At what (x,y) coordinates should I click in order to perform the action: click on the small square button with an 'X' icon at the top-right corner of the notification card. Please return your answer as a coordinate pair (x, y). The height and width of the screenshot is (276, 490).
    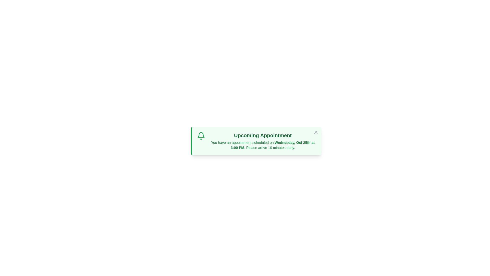
    Looking at the image, I should click on (316, 132).